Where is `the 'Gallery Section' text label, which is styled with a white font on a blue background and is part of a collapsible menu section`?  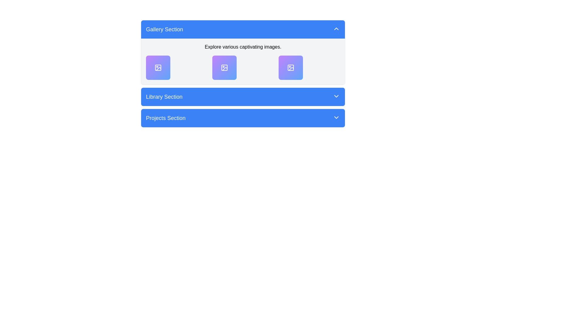 the 'Gallery Section' text label, which is styled with a white font on a blue background and is part of a collapsible menu section is located at coordinates (165, 29).